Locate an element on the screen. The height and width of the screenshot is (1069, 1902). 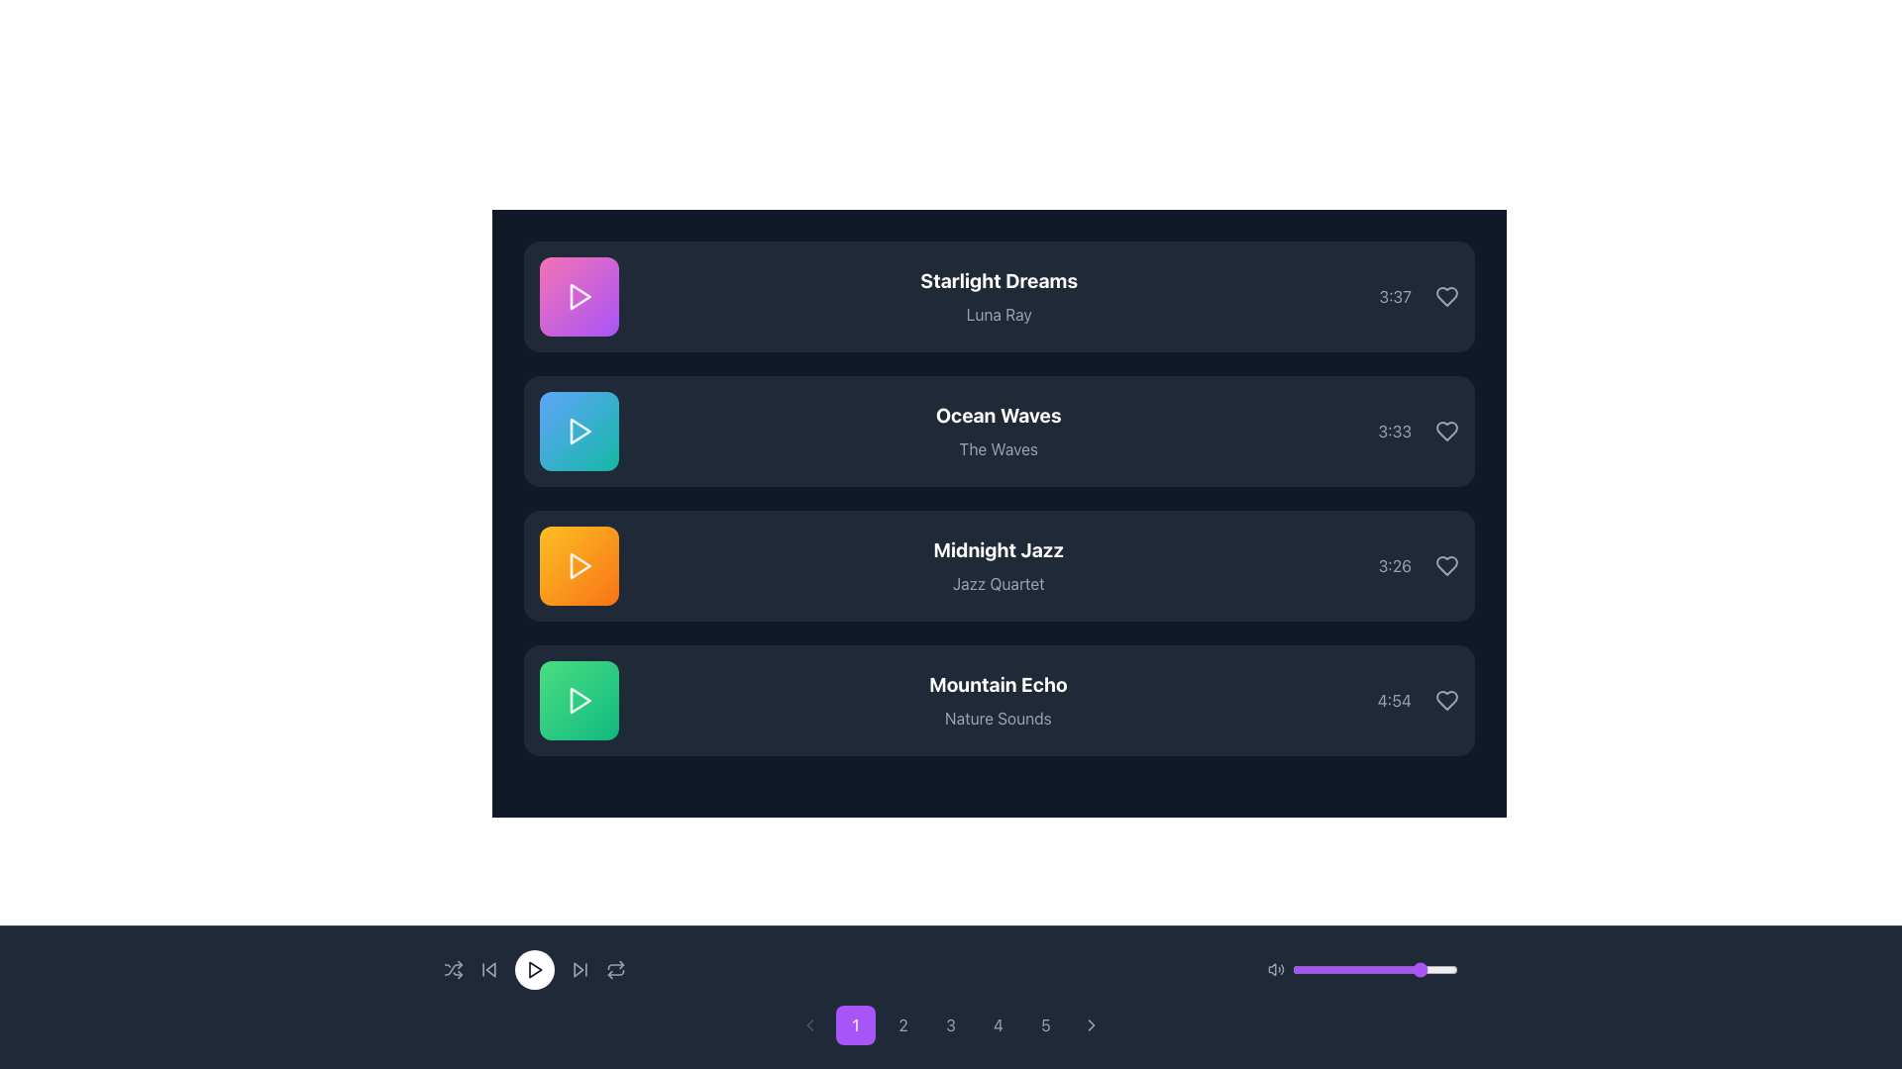
the slider value is located at coordinates (1444, 968).